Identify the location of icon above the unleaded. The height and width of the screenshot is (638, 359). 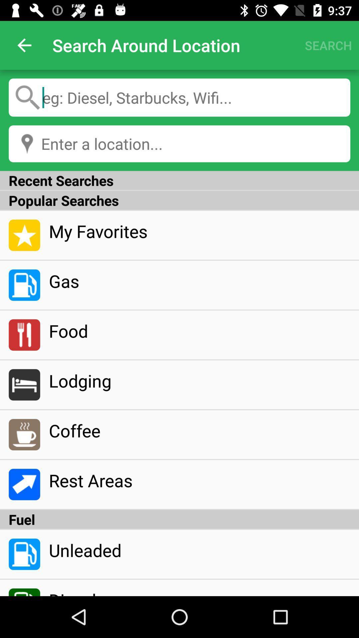
(179, 519).